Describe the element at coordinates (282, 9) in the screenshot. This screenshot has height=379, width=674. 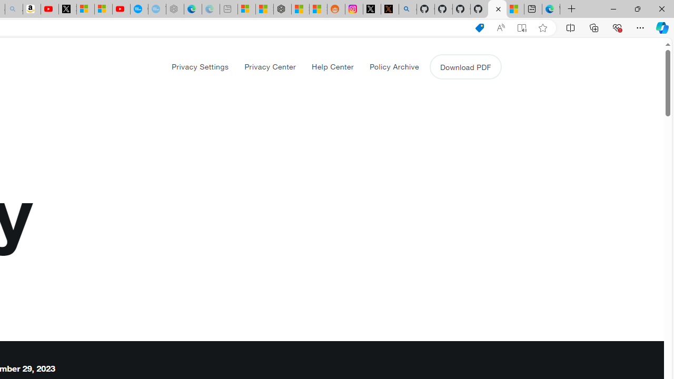
I see `'Nordace - Duffels'` at that location.